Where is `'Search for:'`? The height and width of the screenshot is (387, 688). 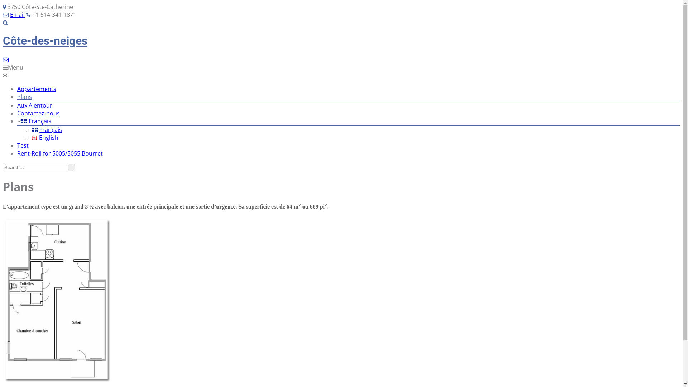
'Search for:' is located at coordinates (34, 167).